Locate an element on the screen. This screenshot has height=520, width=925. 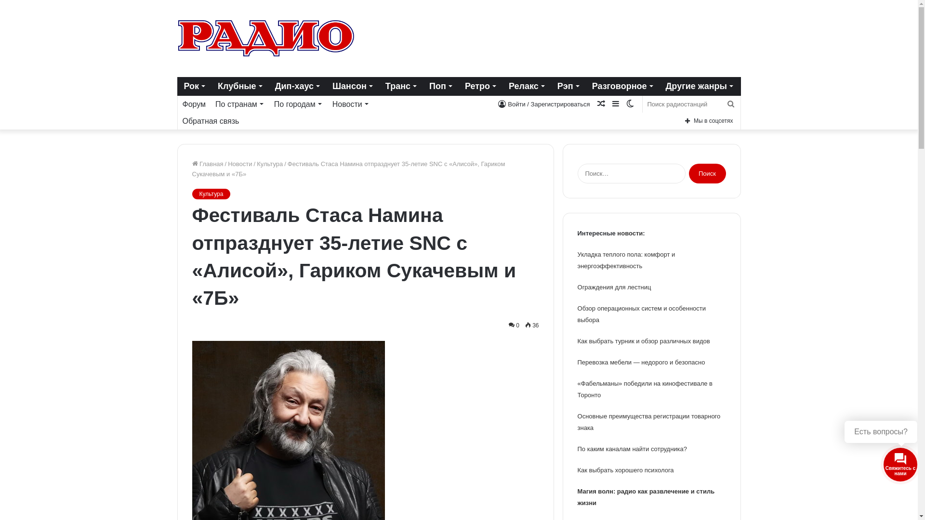
'Sidebar' is located at coordinates (614, 104).